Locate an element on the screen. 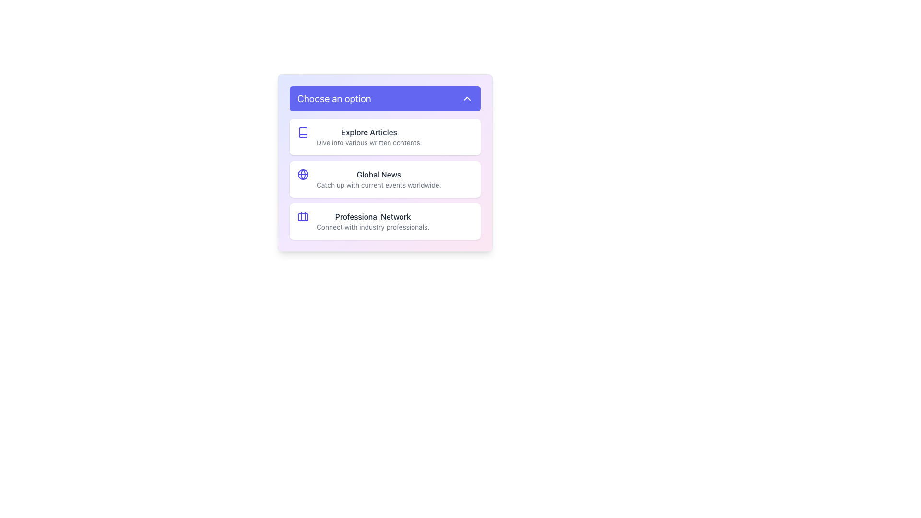 Image resolution: width=921 pixels, height=518 pixels. the blue book icon located to the left of the text 'Explore Articles' is located at coordinates (303, 132).